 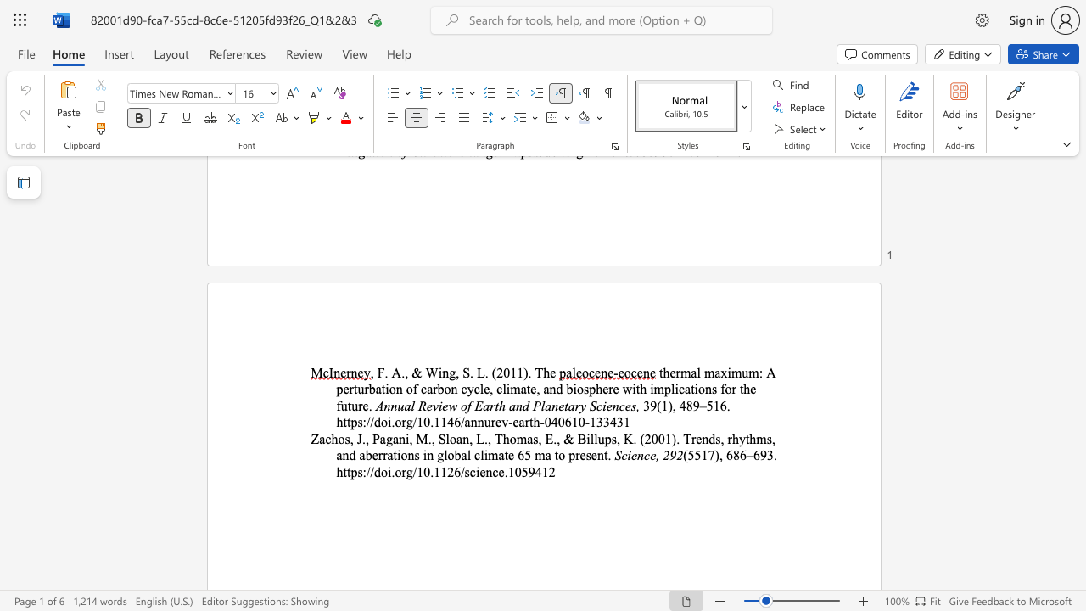 What do you see at coordinates (369, 372) in the screenshot?
I see `the subset text ", F. A., & Wing, S." within the text ", F. A., & Wing, S. L. (2011). The"` at bounding box center [369, 372].